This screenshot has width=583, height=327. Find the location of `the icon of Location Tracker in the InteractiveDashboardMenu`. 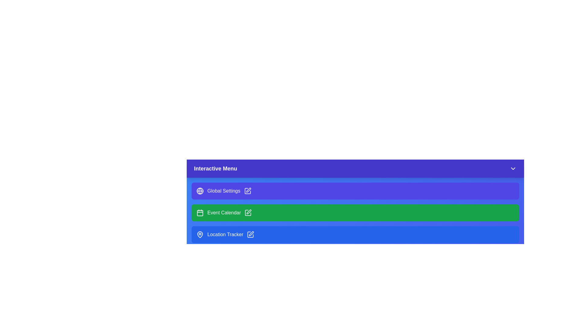

the icon of Location Tracker in the InteractiveDashboardMenu is located at coordinates (200, 234).